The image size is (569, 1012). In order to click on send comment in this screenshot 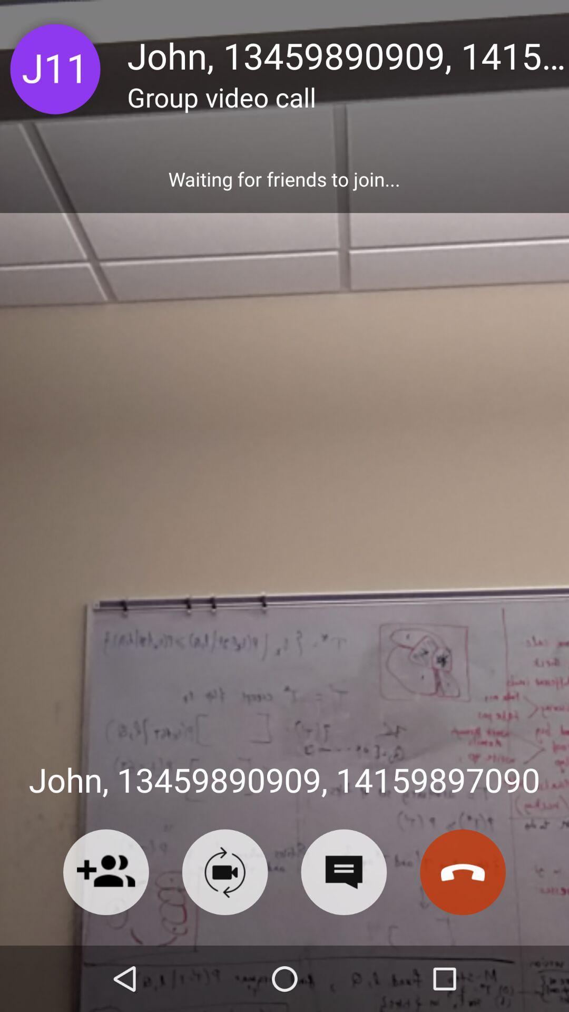, I will do `click(344, 872)`.